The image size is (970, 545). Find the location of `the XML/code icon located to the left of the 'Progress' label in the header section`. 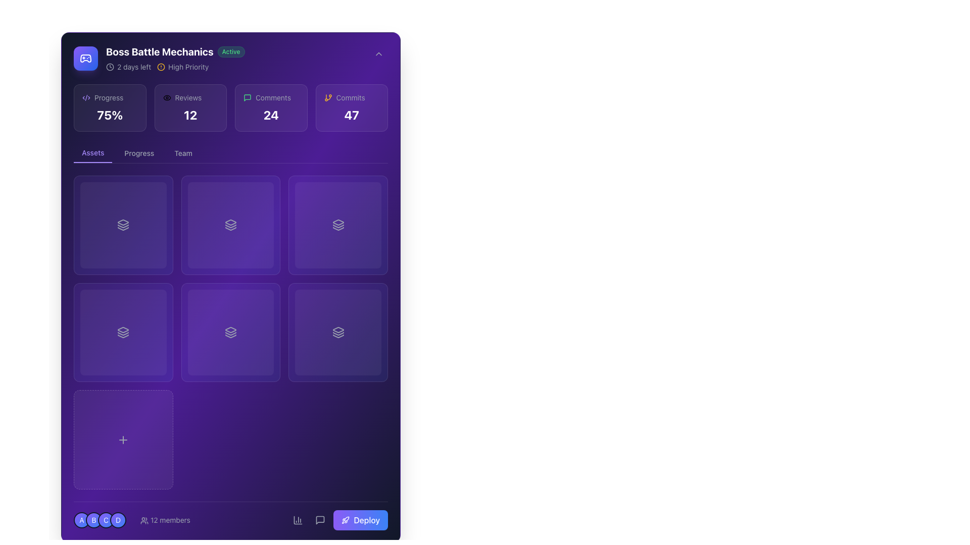

the XML/code icon located to the left of the 'Progress' label in the header section is located at coordinates (86, 97).